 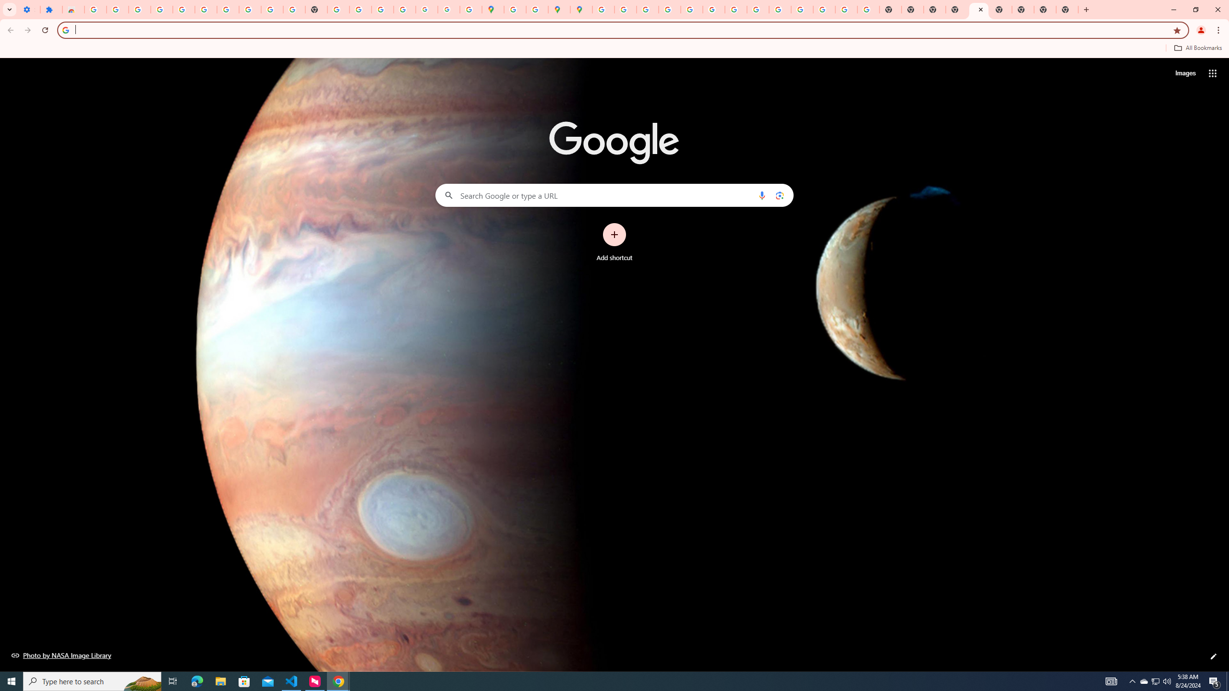 What do you see at coordinates (9, 30) in the screenshot?
I see `'Back'` at bounding box center [9, 30].